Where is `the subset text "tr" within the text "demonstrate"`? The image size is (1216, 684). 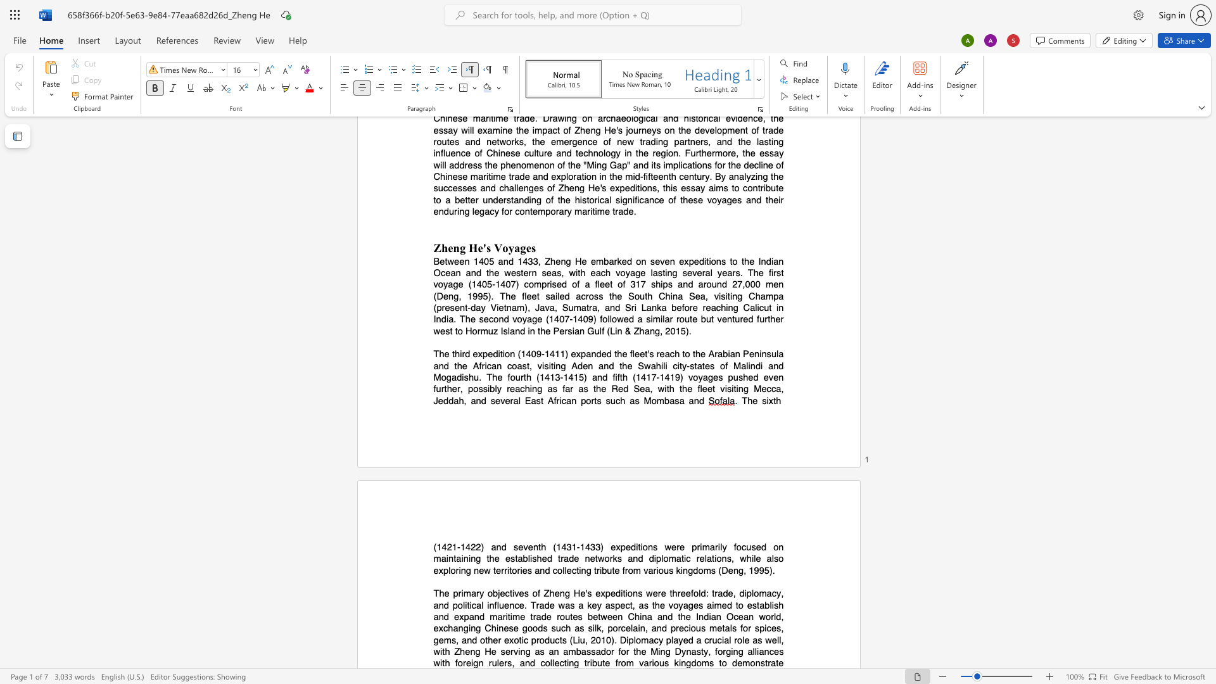
the subset text "tr" within the text "demonstrate" is located at coordinates (764, 662).